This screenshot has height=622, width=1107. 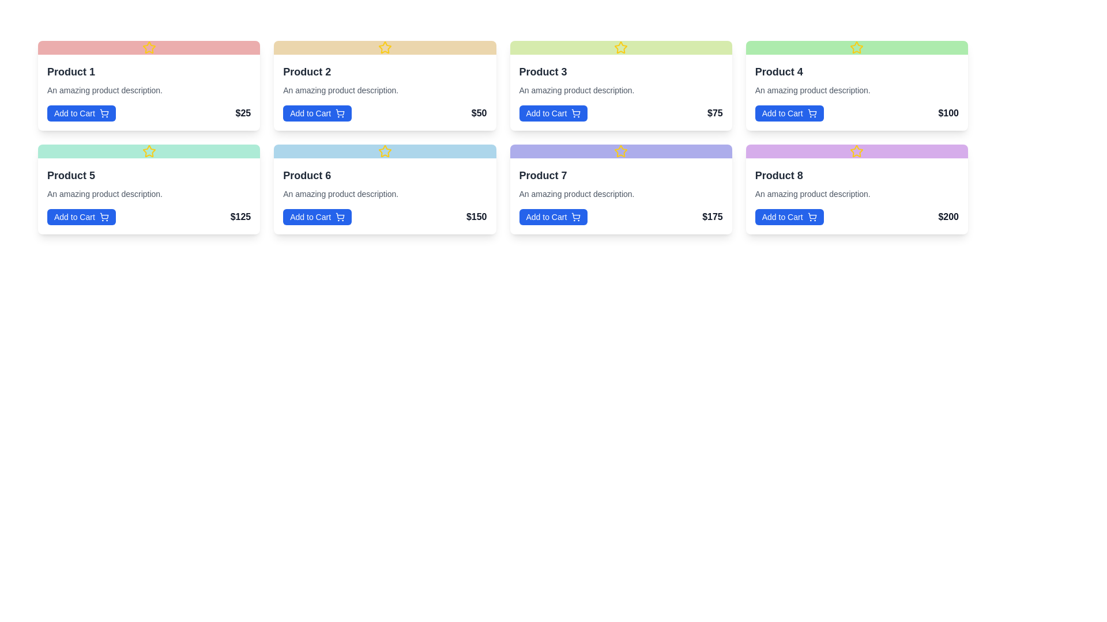 I want to click on the star icon located at the top-center of the 'Product 8' card in the product grid, so click(x=857, y=150).